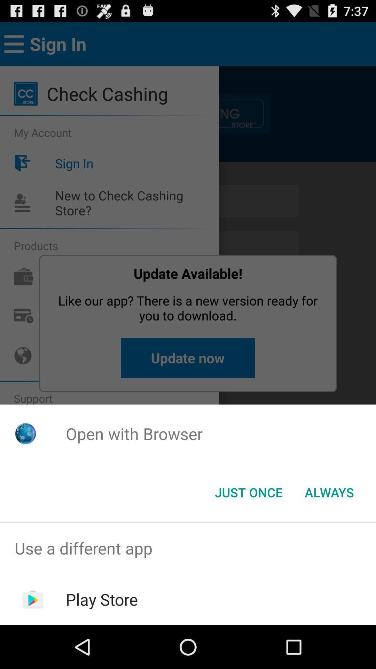 The height and width of the screenshot is (669, 376). Describe the element at coordinates (188, 548) in the screenshot. I see `the item above play store item` at that location.